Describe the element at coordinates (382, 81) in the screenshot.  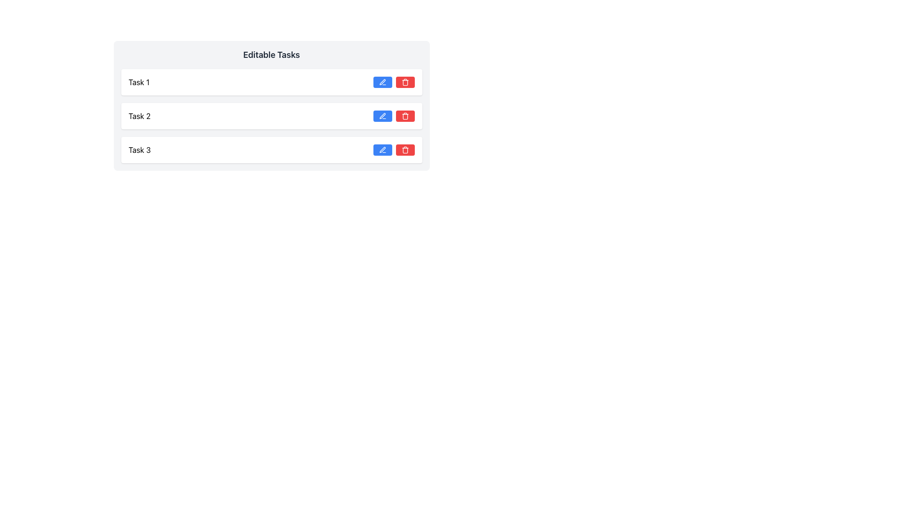
I see `the edit icon located at the top task row, positioned left of the red trash bin icon` at that location.